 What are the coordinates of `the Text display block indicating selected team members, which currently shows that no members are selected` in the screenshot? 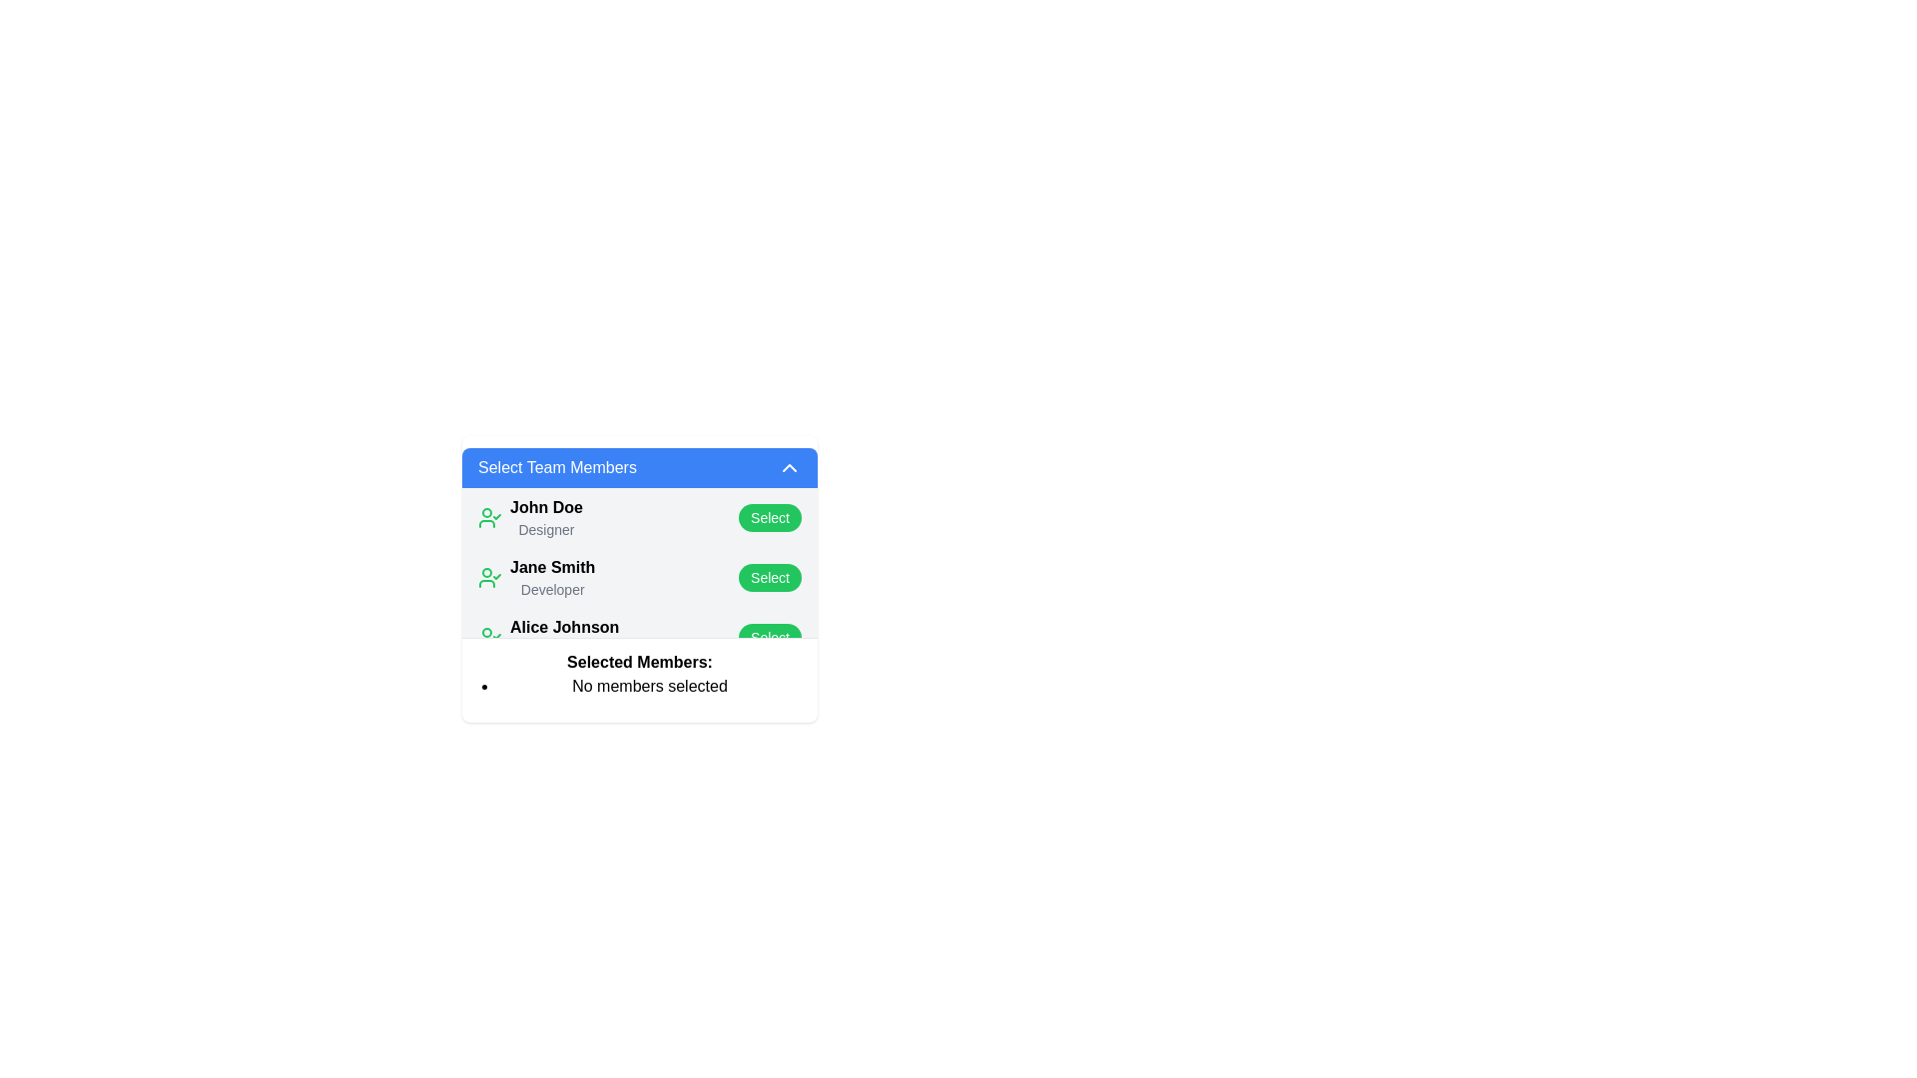 It's located at (640, 674).